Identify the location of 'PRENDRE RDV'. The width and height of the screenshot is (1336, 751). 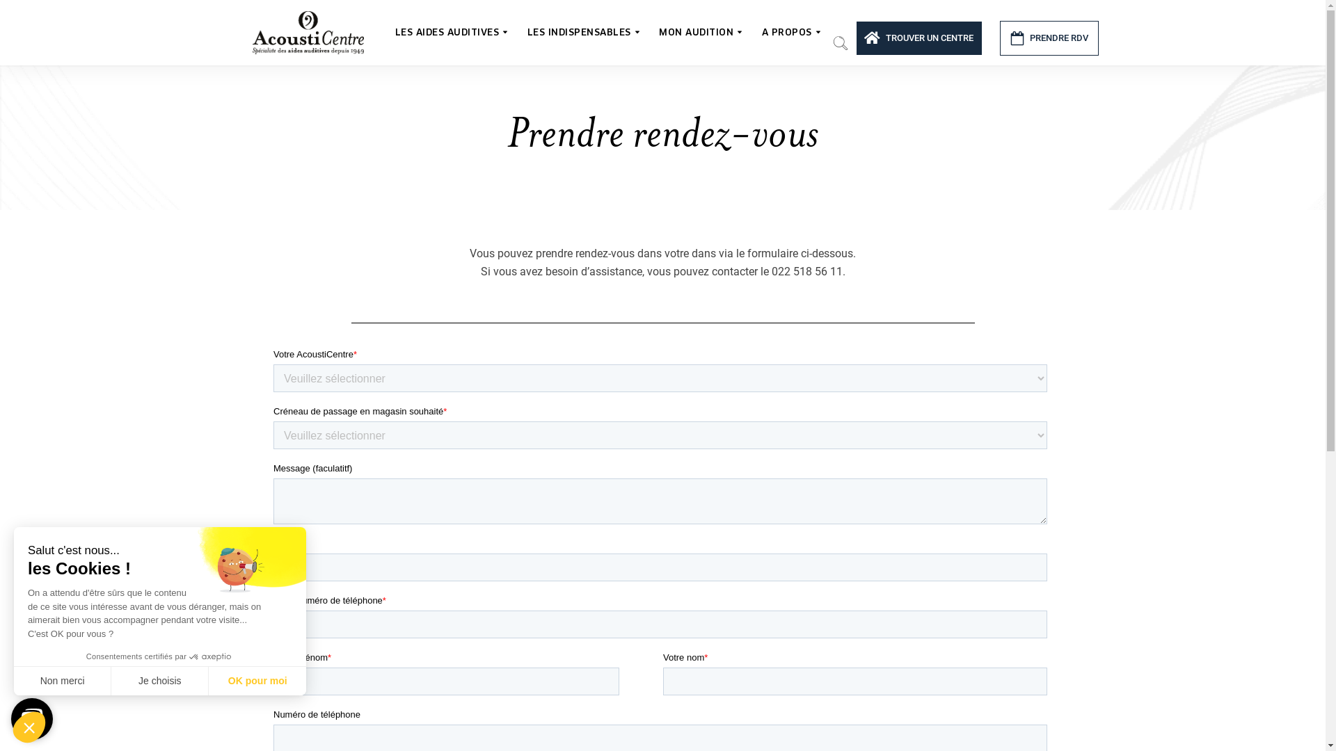
(1049, 37).